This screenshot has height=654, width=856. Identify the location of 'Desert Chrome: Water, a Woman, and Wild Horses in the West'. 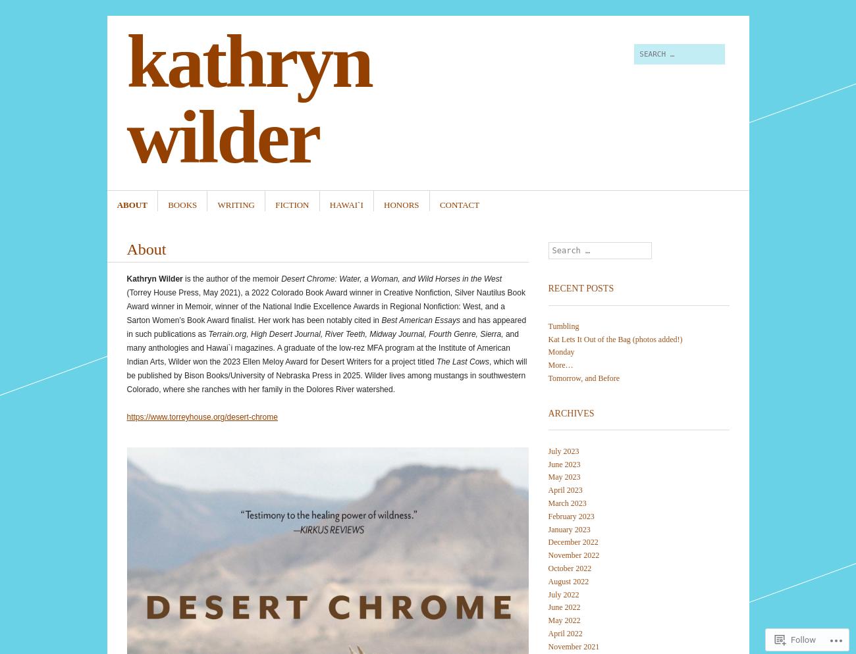
(390, 278).